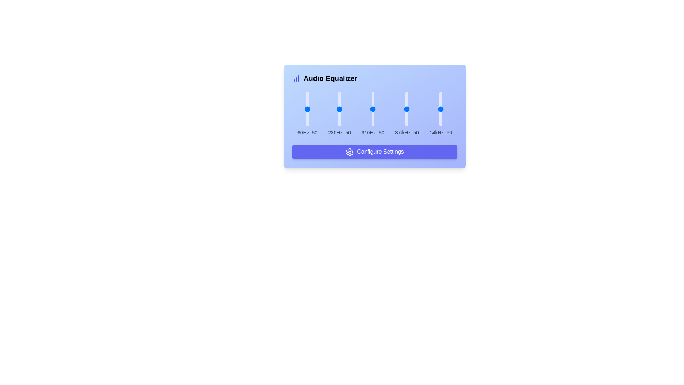  Describe the element at coordinates (372, 114) in the screenshot. I see `the frequency level of 910Hz` at that location.